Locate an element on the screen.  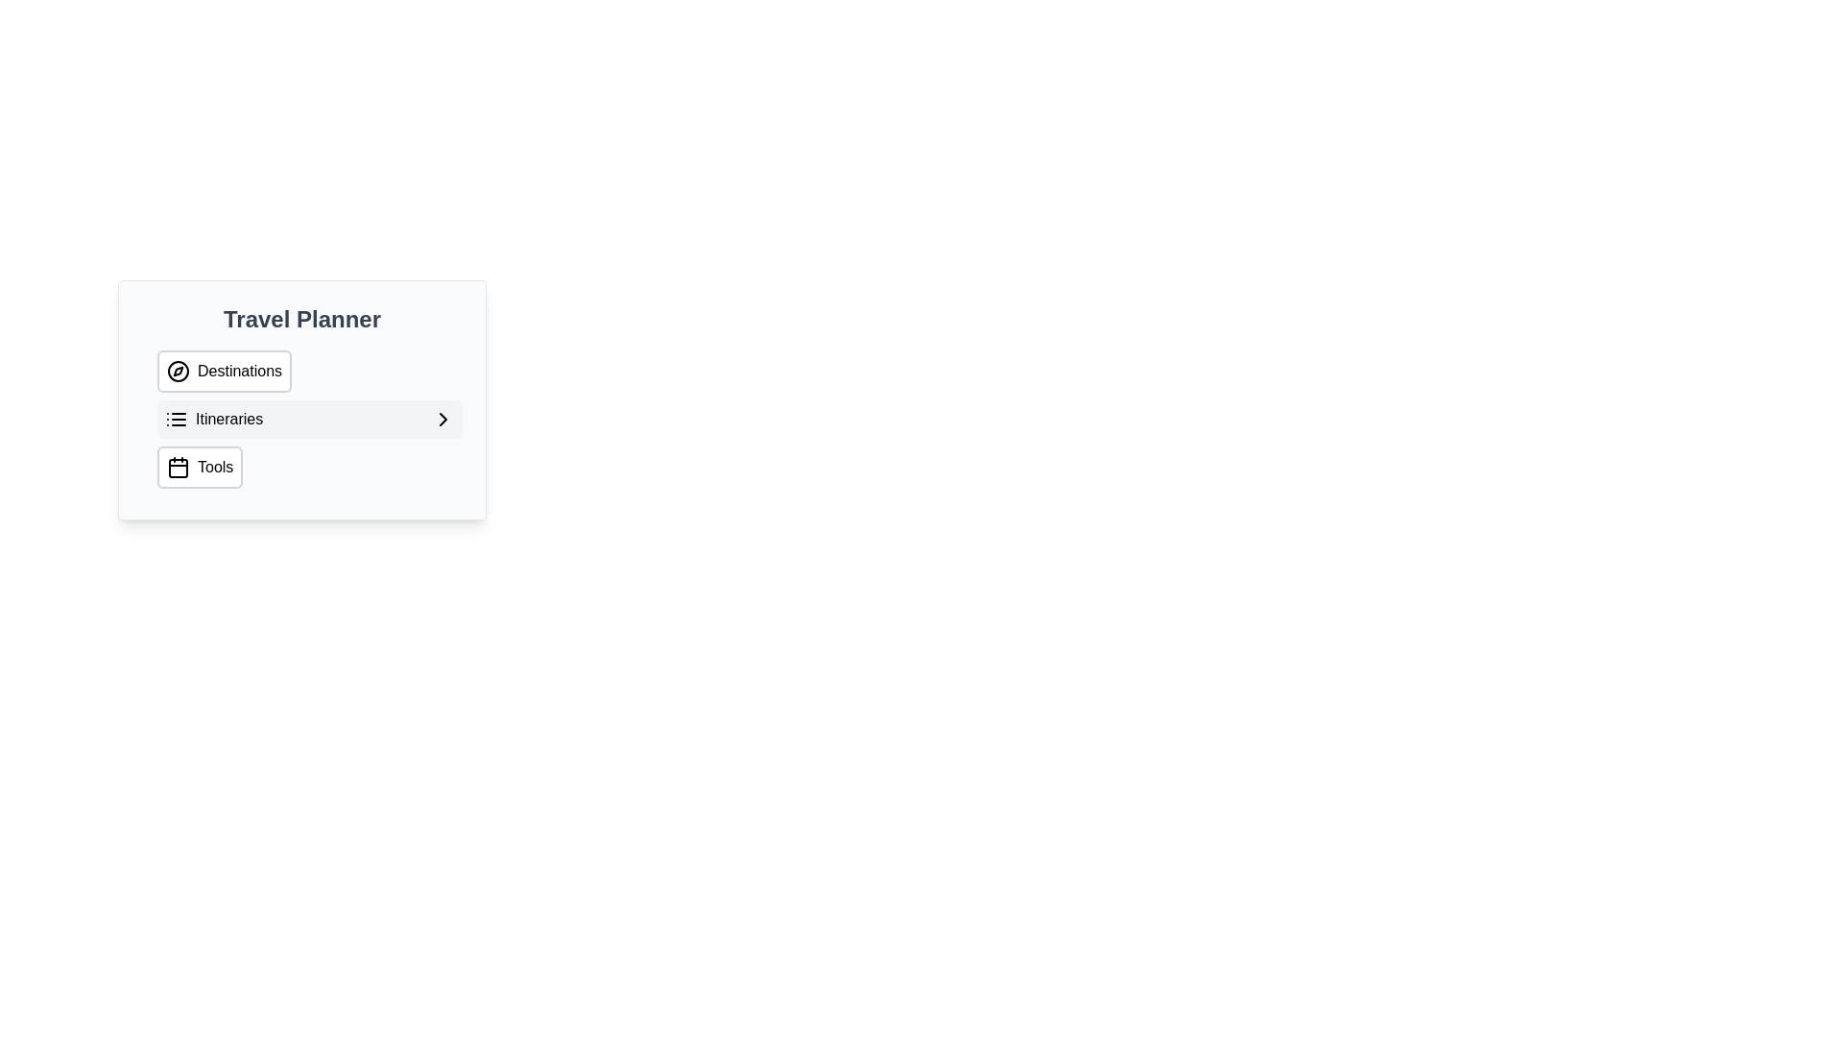
the small, square calendar icon with a white background and a thin black border, located beside the label 'Tools' is located at coordinates (179, 469).